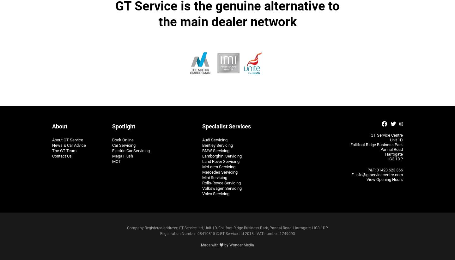 This screenshot has height=260, width=455. I want to click on 'by', so click(226, 244).